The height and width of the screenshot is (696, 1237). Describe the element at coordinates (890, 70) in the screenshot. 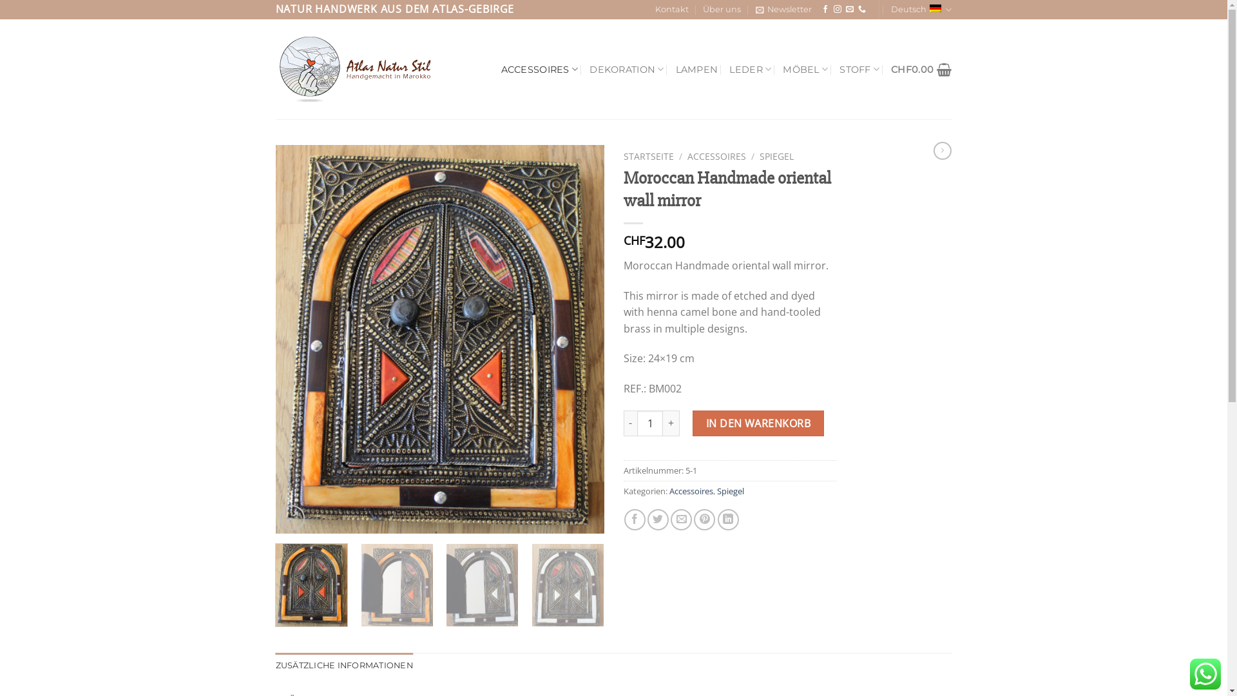

I see `'CHF0.00'` at that location.